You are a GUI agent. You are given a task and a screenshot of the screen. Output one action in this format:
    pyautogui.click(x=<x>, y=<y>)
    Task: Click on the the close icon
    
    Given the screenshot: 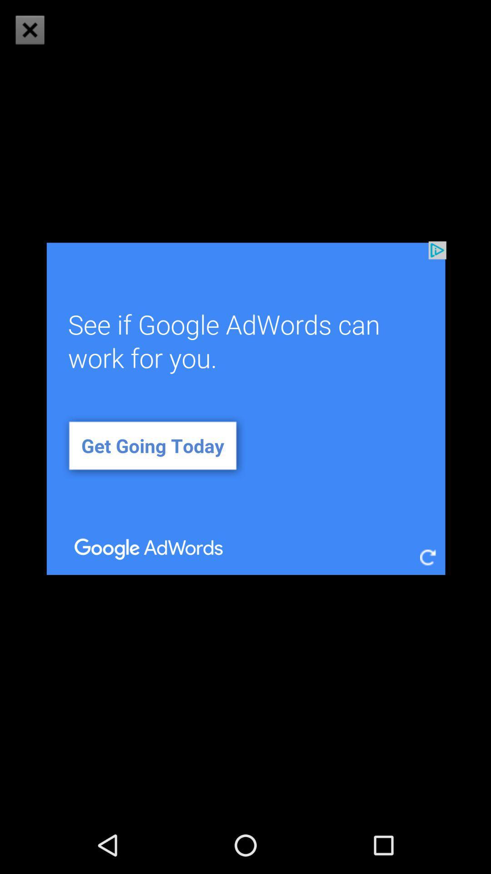 What is the action you would take?
    pyautogui.click(x=29, y=30)
    